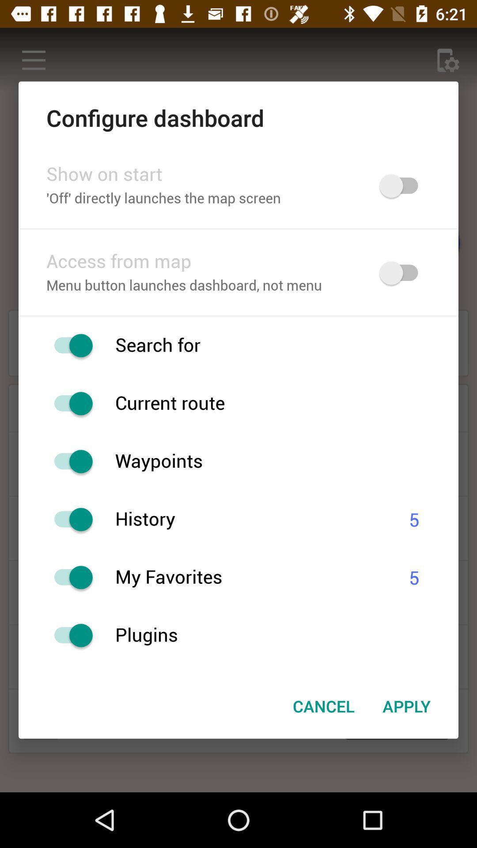 Image resolution: width=477 pixels, height=848 pixels. I want to click on history, so click(251, 519).